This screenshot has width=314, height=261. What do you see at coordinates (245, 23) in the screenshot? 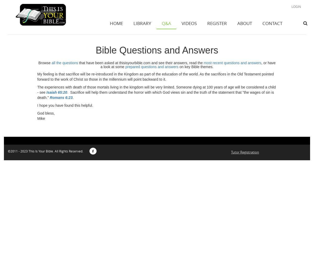
I see `'ABOUT'` at bounding box center [245, 23].